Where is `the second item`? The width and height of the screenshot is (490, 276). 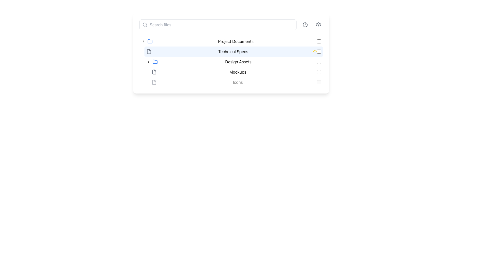
the second item is located at coordinates (231, 51).